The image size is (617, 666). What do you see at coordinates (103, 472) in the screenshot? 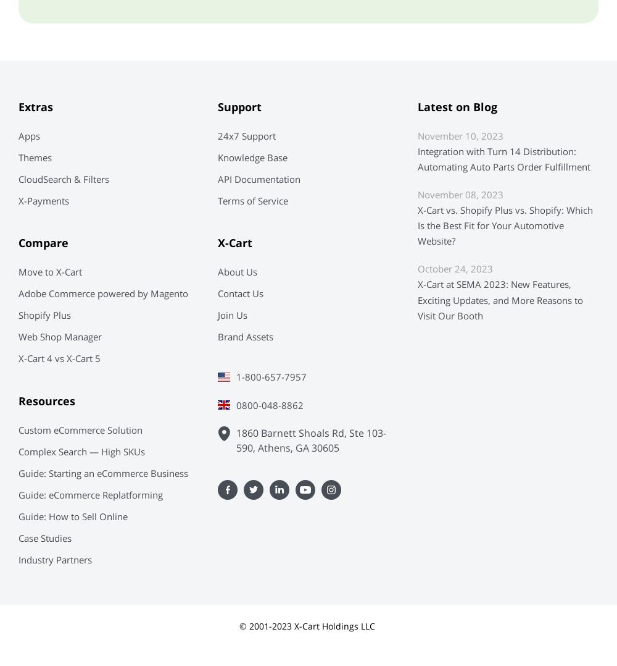
I see `'Guide: Starting an eCommerce Business'` at bounding box center [103, 472].